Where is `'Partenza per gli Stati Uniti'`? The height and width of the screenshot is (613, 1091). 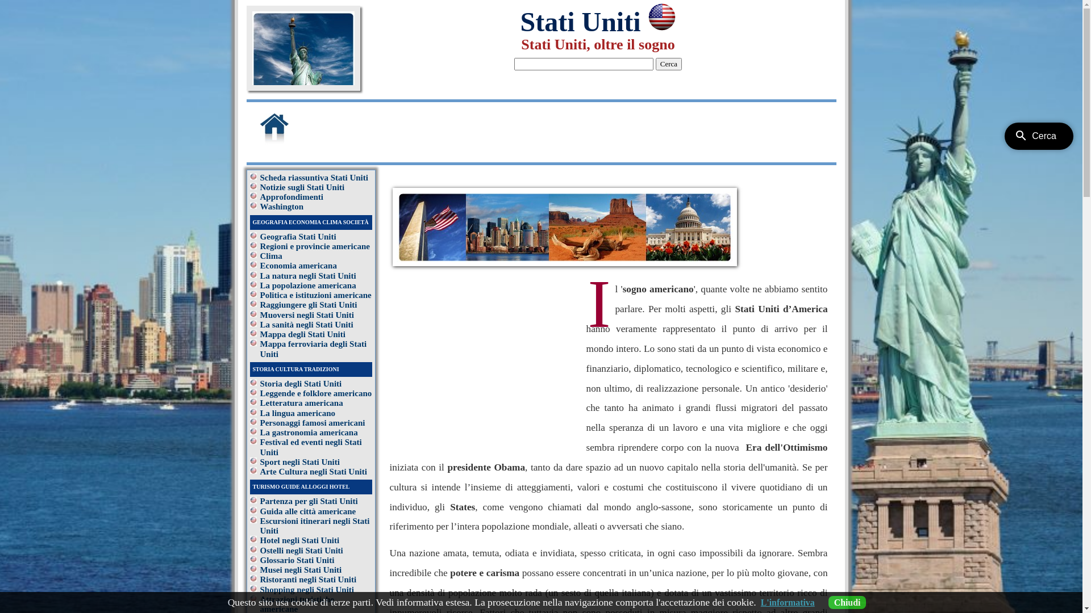 'Partenza per gli Stati Uniti' is located at coordinates (309, 501).